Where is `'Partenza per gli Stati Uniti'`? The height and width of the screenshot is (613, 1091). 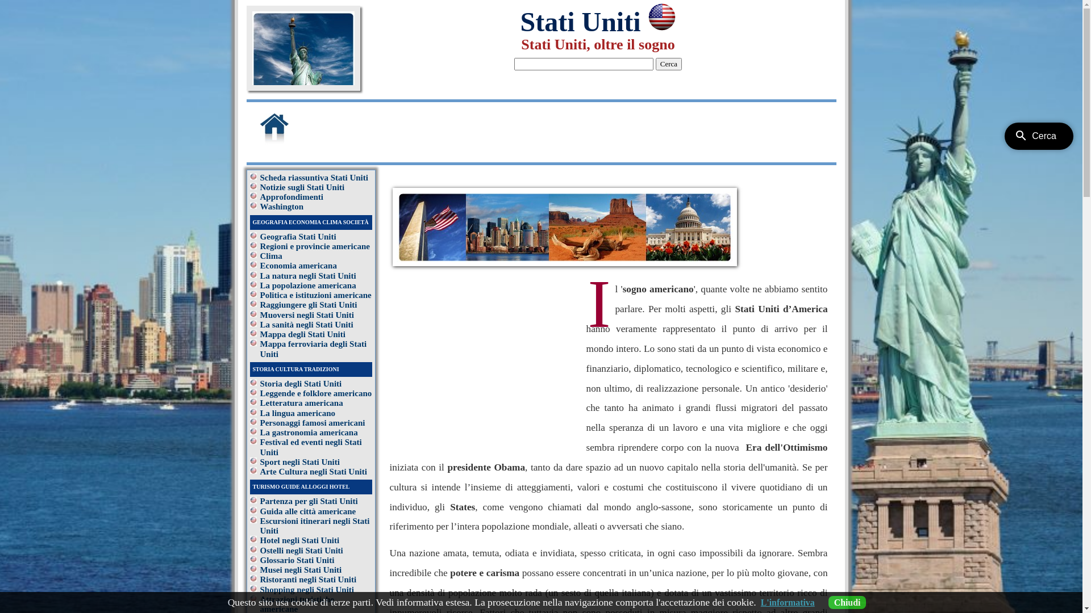 'Partenza per gli Stati Uniti' is located at coordinates (309, 501).